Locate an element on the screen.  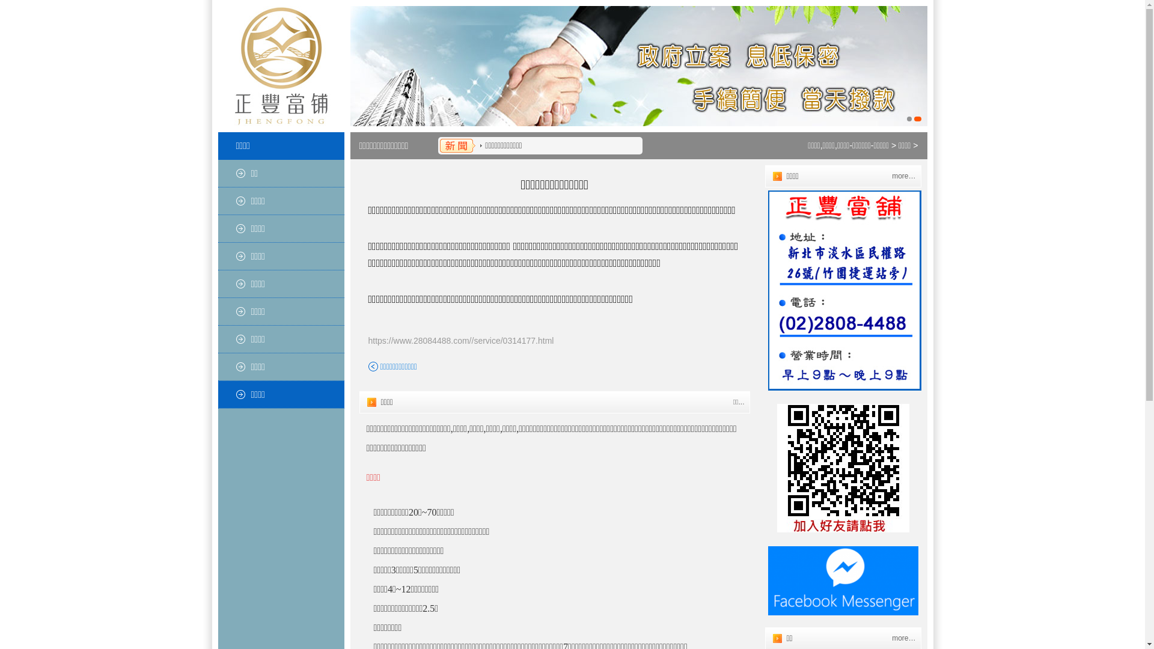
'https://www.28084488.com//service/0314177.html' is located at coordinates (460, 341).